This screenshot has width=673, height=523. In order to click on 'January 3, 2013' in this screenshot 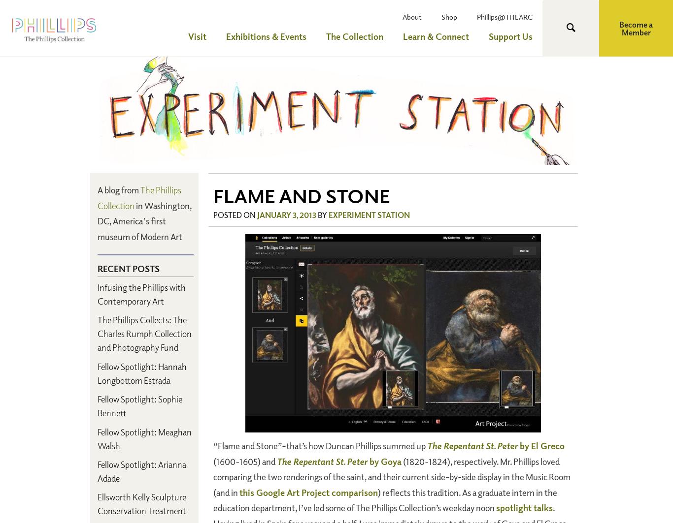, I will do `click(286, 215)`.